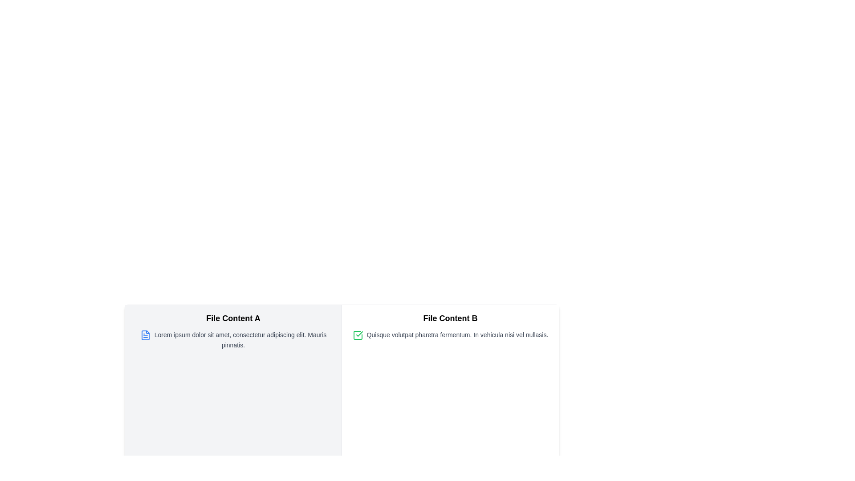 Image resolution: width=855 pixels, height=481 pixels. I want to click on the document icon with a blue outline located next to the paragraph of text starting with 'Lorem ipsum dolor sit amet' in the 'File Content A' component, so click(145, 335).